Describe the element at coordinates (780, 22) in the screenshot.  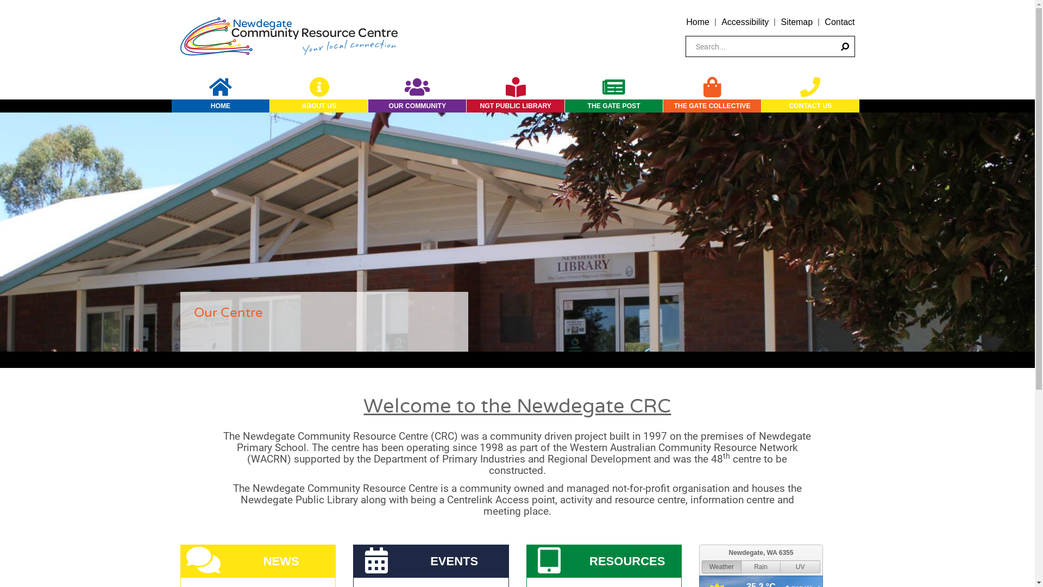
I see `'Sitemap'` at that location.